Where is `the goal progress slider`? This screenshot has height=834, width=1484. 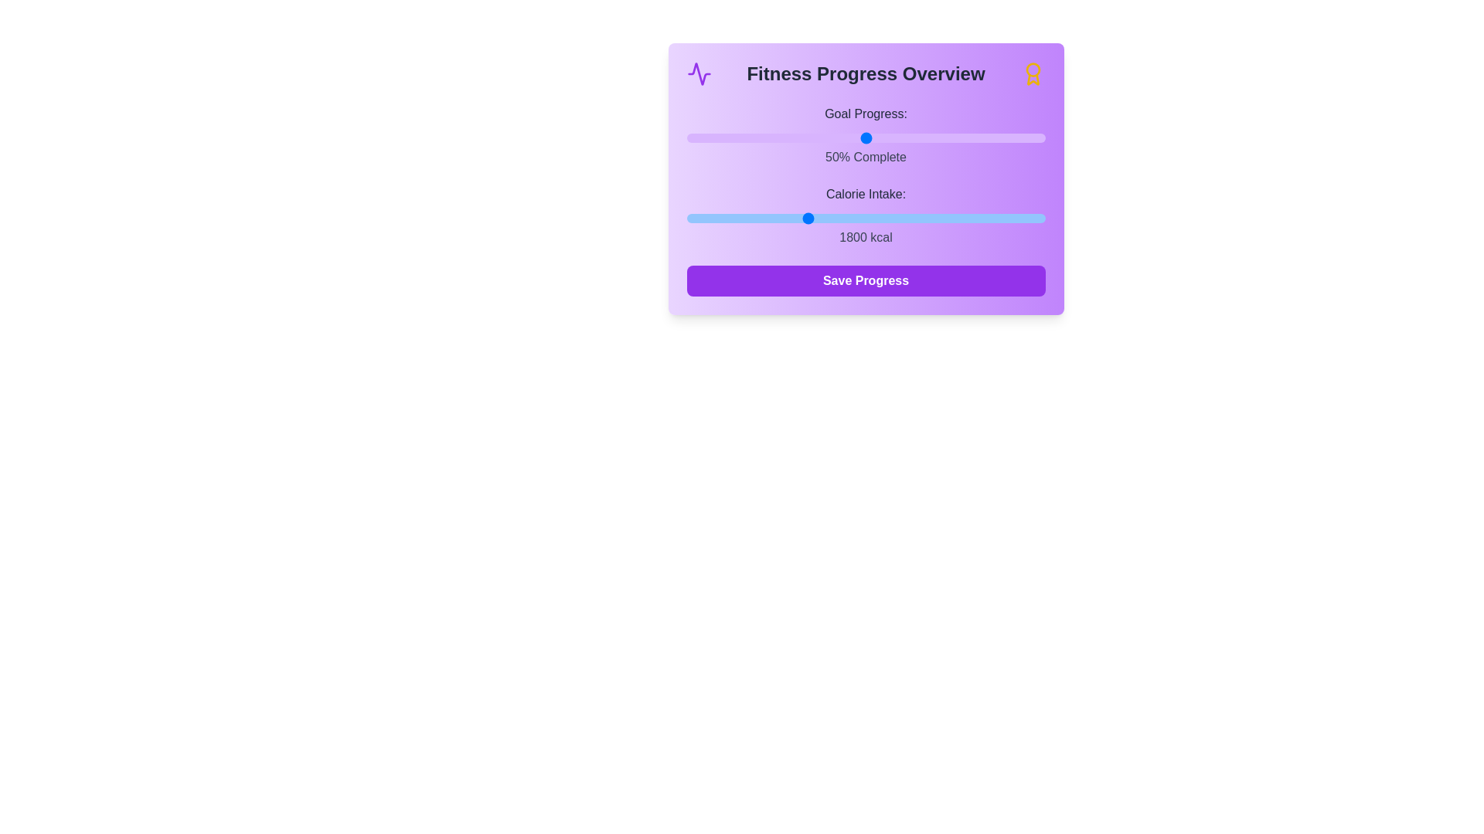 the goal progress slider is located at coordinates (740, 137).